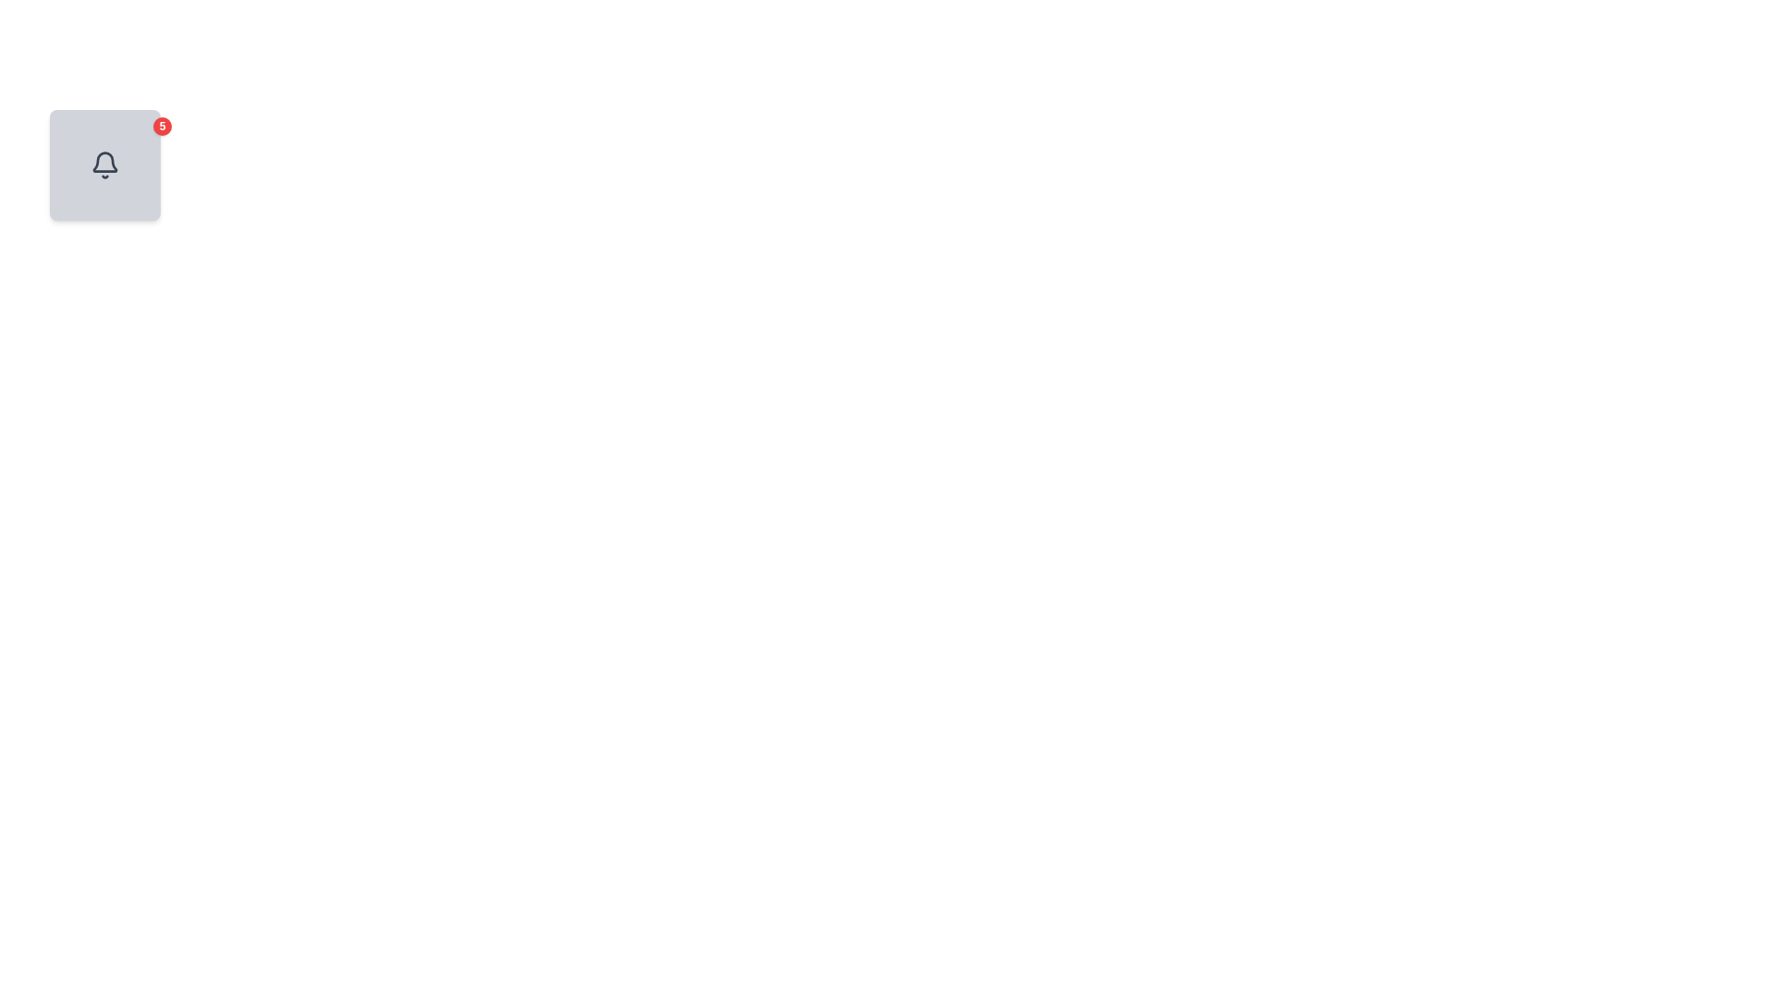  What do you see at coordinates (104, 161) in the screenshot?
I see `the larger bottom portion of the bell icon representing notifications` at bounding box center [104, 161].